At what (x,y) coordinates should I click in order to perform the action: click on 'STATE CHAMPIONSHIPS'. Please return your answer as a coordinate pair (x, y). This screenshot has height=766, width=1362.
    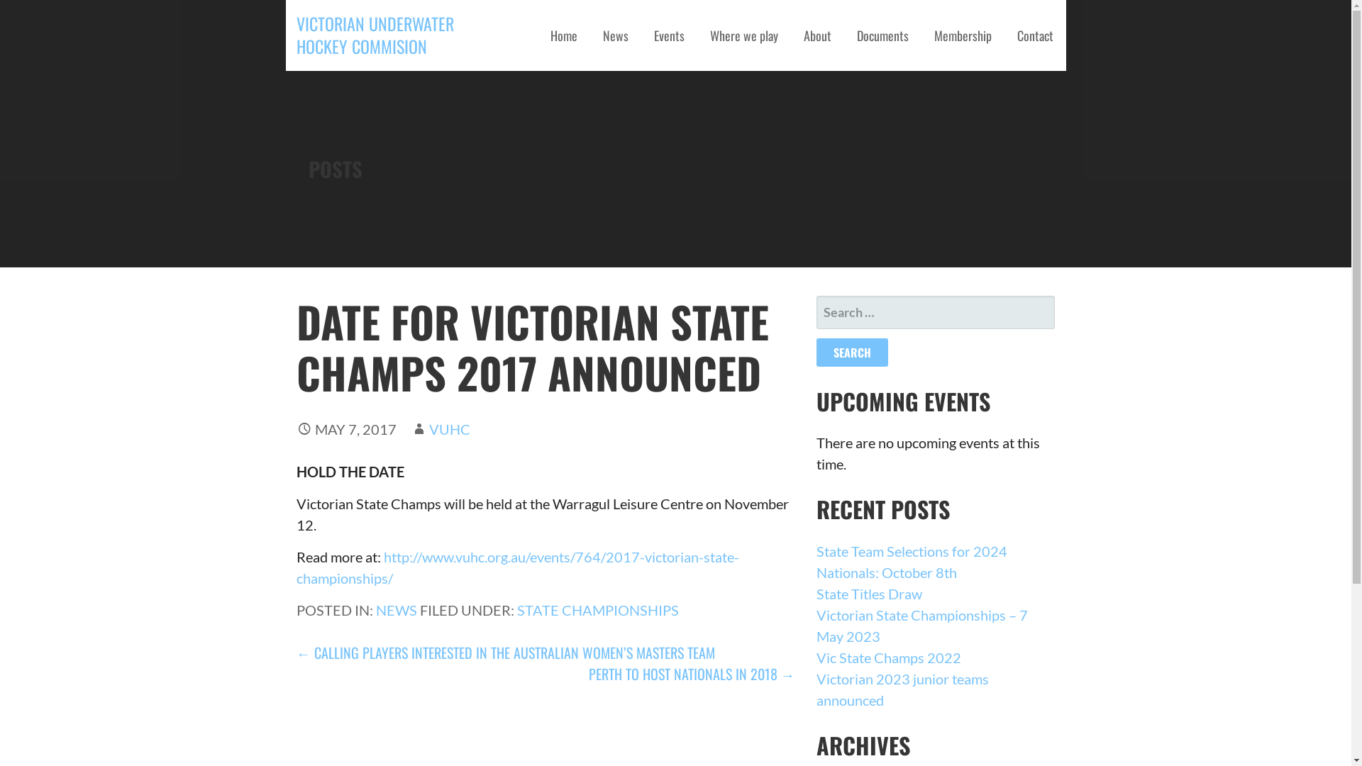
    Looking at the image, I should click on (598, 609).